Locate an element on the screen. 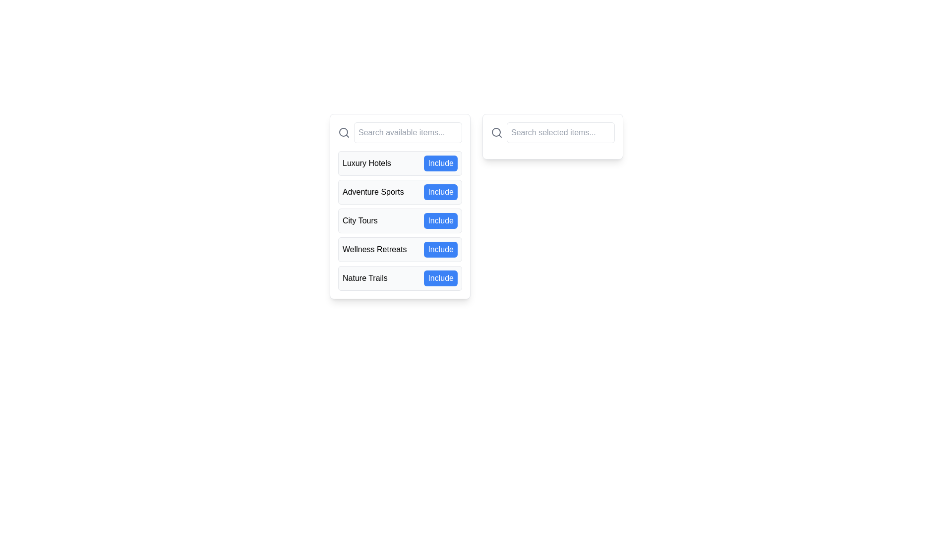 The image size is (952, 535). the search icon located on the left side of the text field labeled 'Search selected items...' to interact with the search function is located at coordinates (497, 132).